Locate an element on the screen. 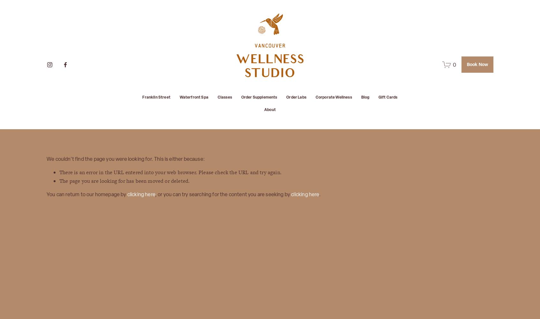  'Blog' is located at coordinates (360, 97).